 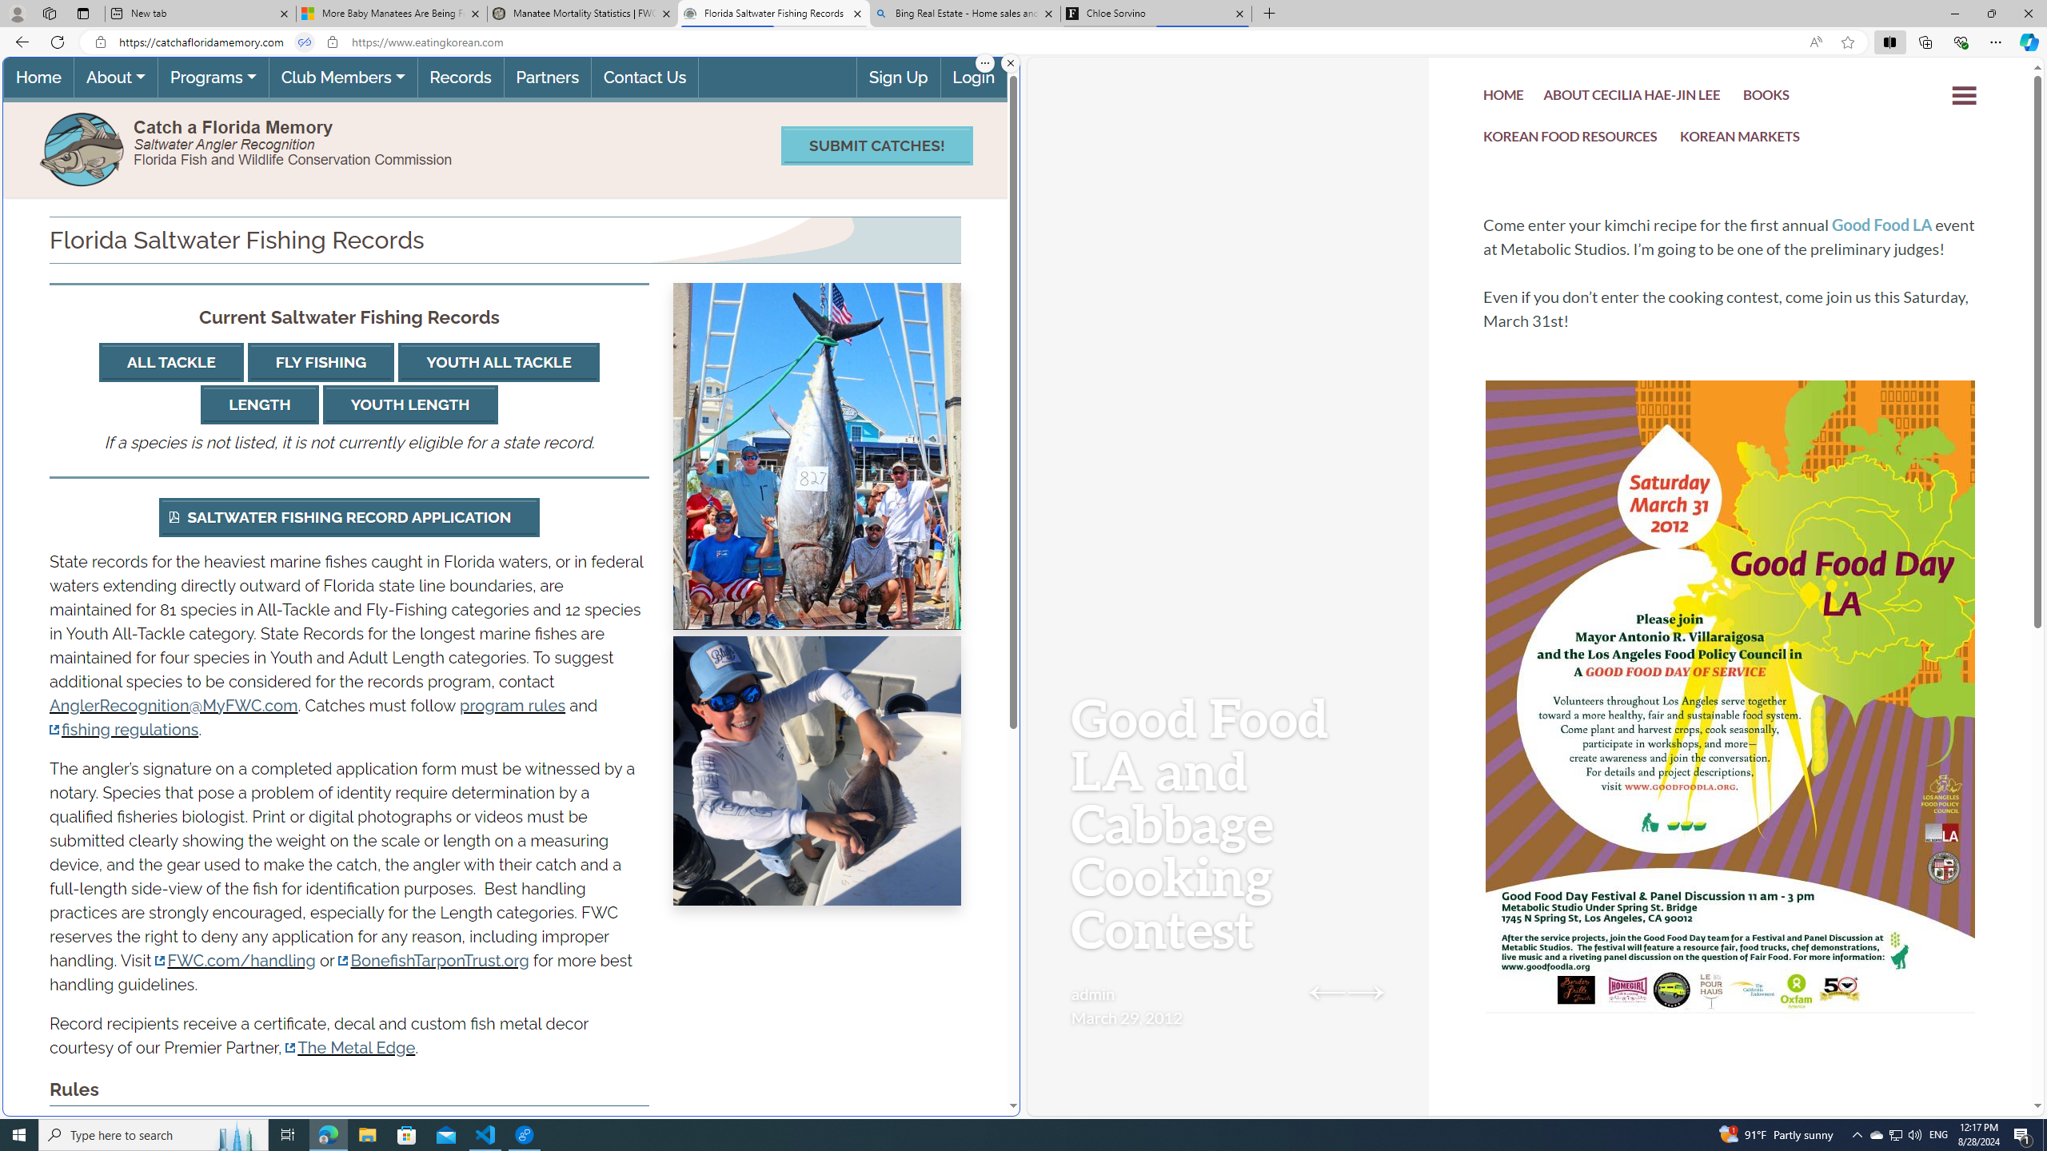 What do you see at coordinates (170, 362) in the screenshot?
I see `'ALL TACKLE'` at bounding box center [170, 362].